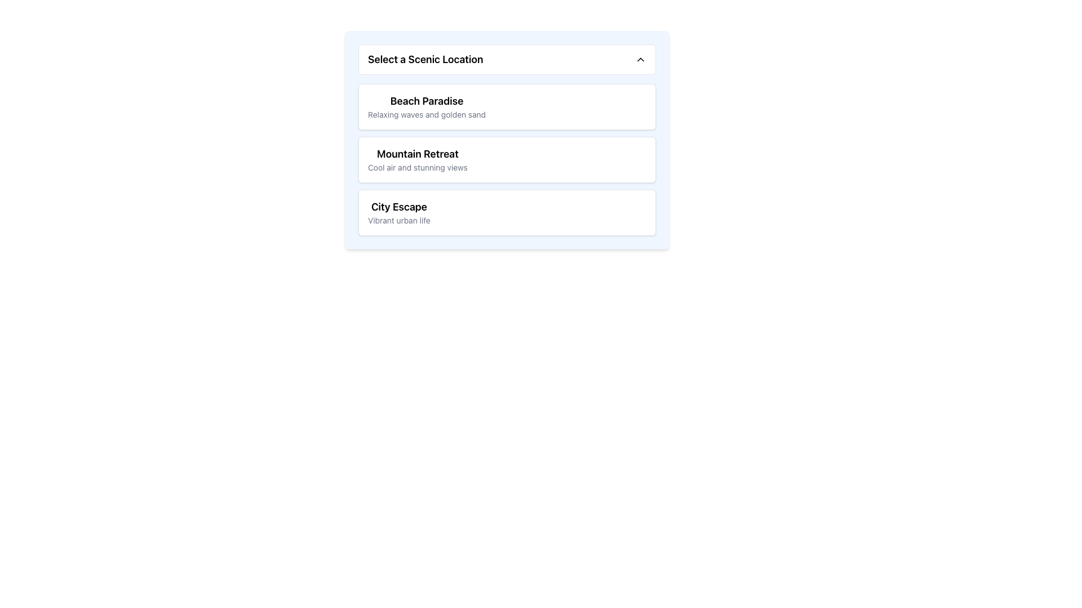 Image resolution: width=1082 pixels, height=608 pixels. What do you see at coordinates (399, 221) in the screenshot?
I see `the text label reading 'Vibrant urban life', which is rendered in a small-sized gray font and located below the title 'City Escape'` at bounding box center [399, 221].